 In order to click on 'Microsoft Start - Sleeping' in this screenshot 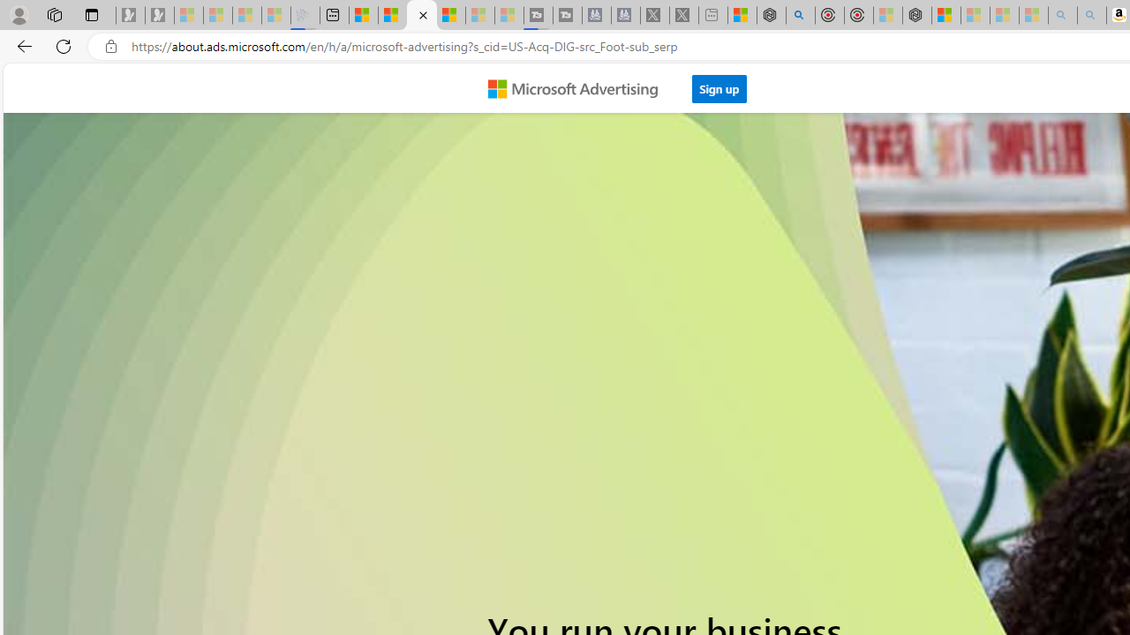, I will do `click(480, 15)`.